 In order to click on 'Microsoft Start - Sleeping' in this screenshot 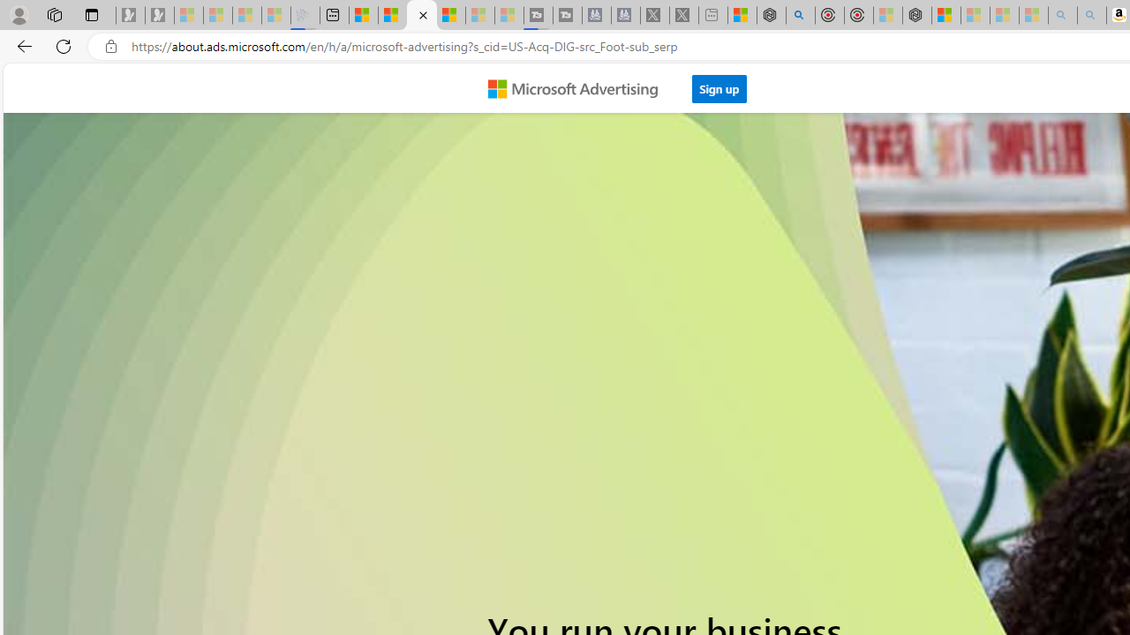, I will do `click(480, 15)`.